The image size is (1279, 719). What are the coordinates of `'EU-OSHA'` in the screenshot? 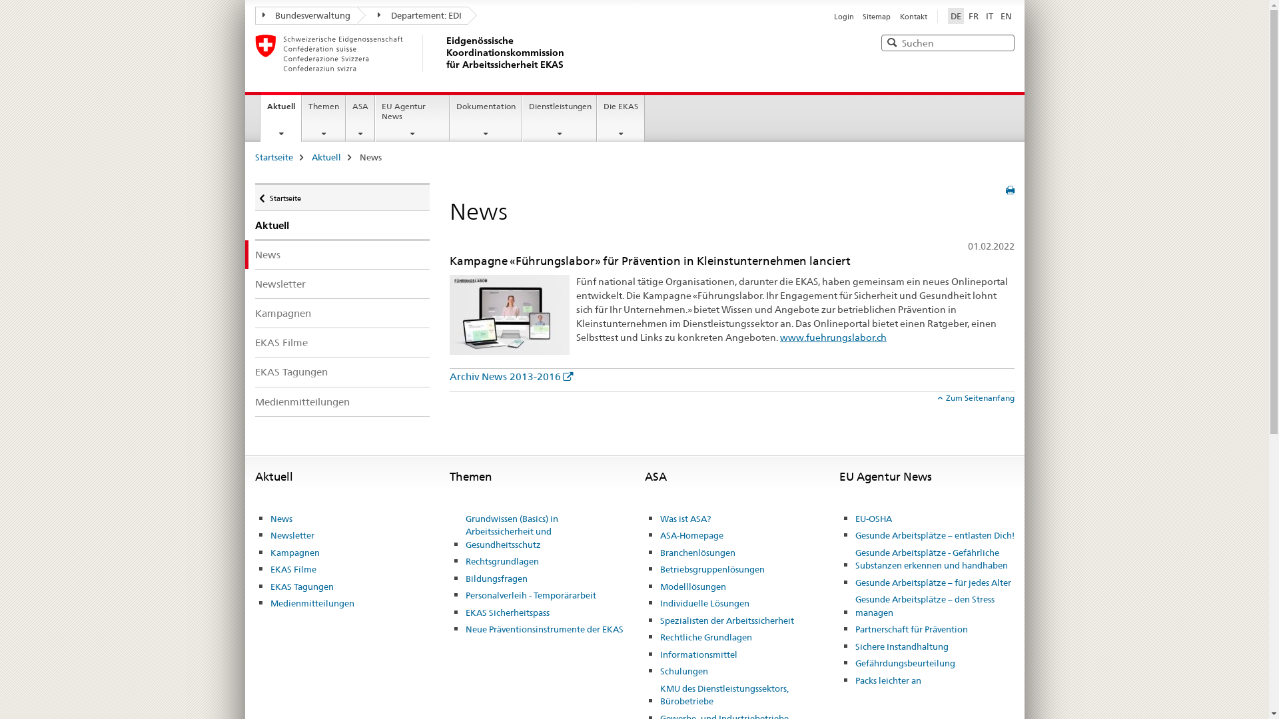 It's located at (873, 518).